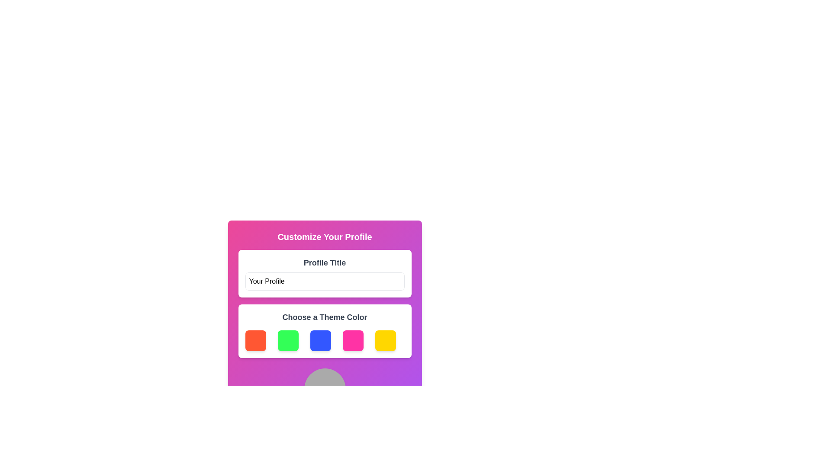 Image resolution: width=831 pixels, height=467 pixels. I want to click on the second button from the left in a row of five square buttons, located beneath the title 'Choose a Theme Color', to trigger any hover effects, so click(288, 340).